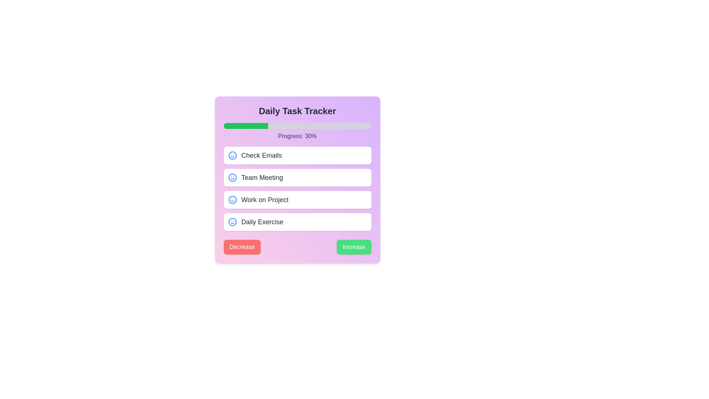 The image size is (709, 399). What do you see at coordinates (261, 155) in the screenshot?
I see `the 'Check Emails' text label, which is styled with a medium-sized gray font and is the first item in a vertically stacked list within a task tracker interface` at bounding box center [261, 155].